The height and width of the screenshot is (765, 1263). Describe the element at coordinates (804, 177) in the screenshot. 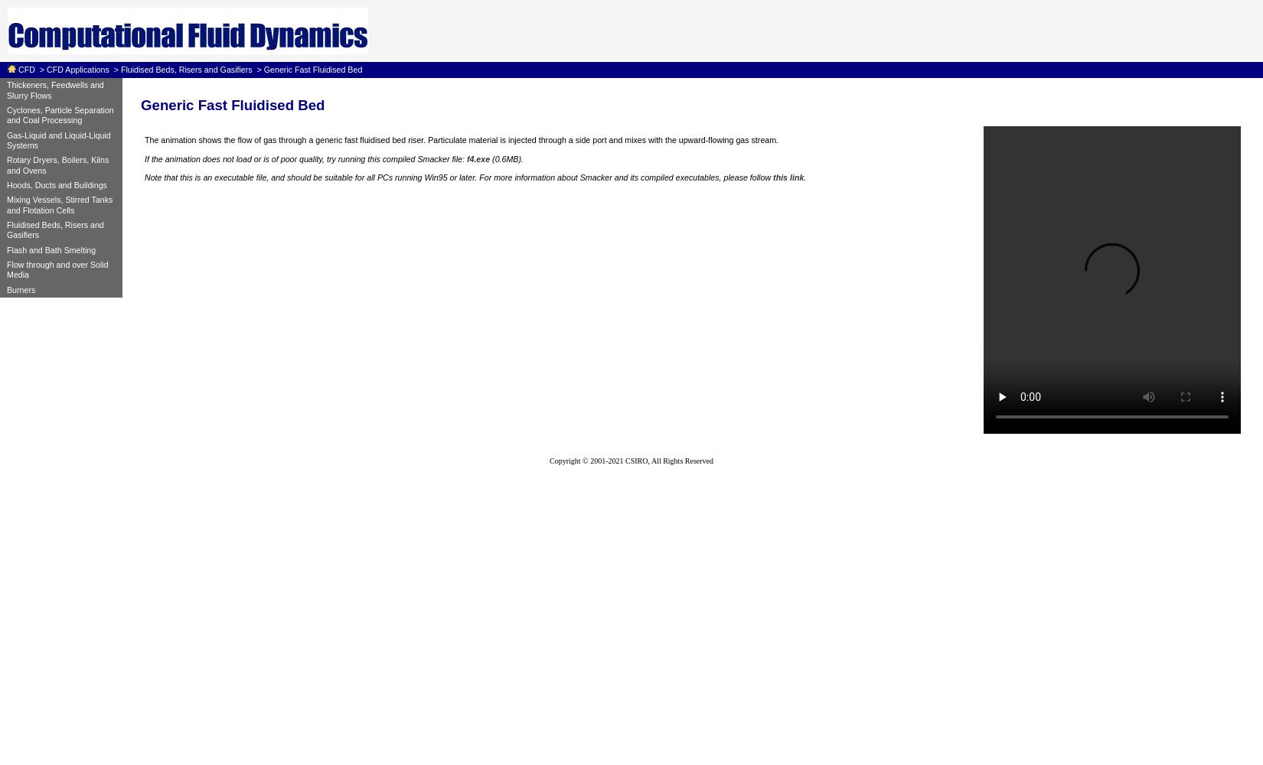

I see `'.'` at that location.